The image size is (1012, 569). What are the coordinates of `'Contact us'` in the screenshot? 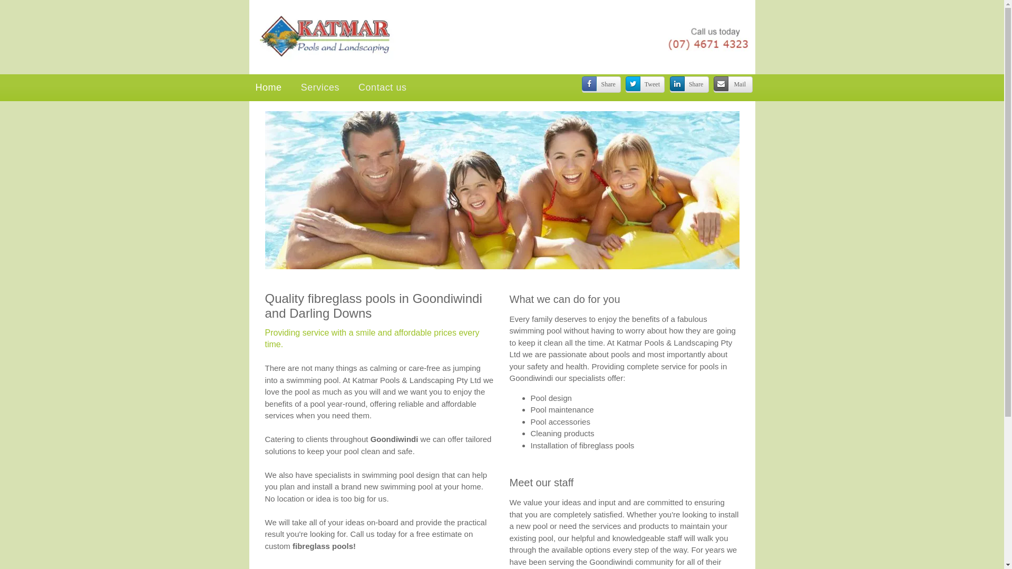 It's located at (382, 87).